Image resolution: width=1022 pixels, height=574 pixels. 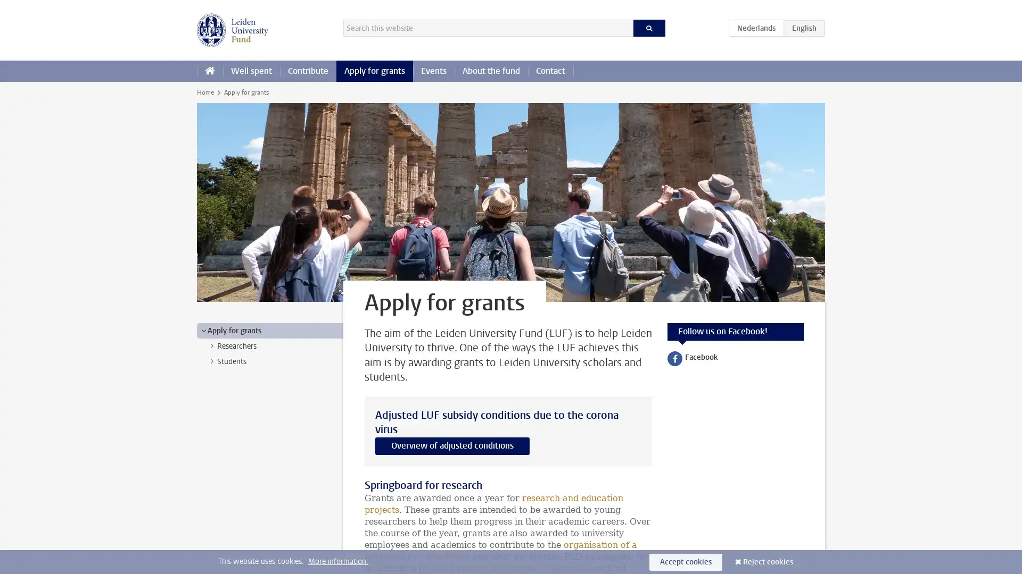 What do you see at coordinates (203, 330) in the screenshot?
I see `>` at bounding box center [203, 330].